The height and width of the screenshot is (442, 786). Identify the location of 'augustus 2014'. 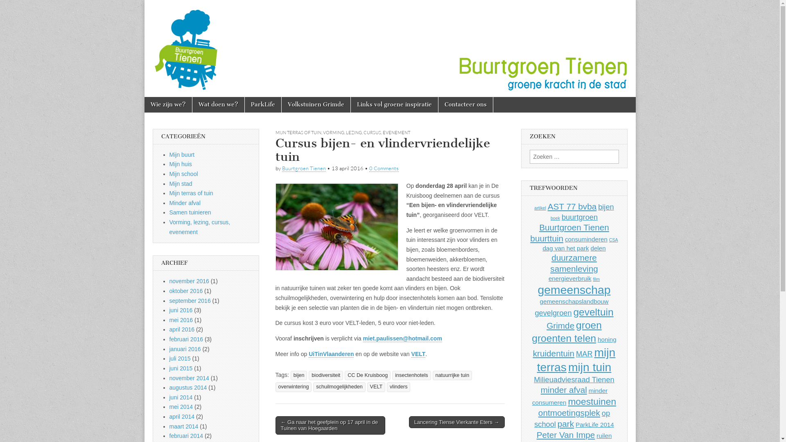
(188, 387).